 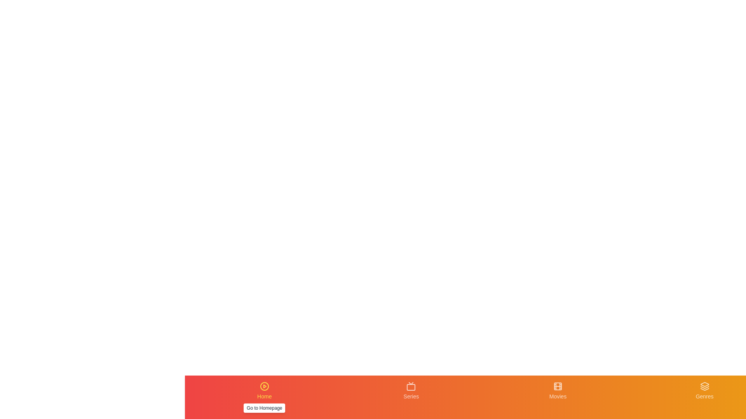 What do you see at coordinates (557, 397) in the screenshot?
I see `the navigation tab labeled Movies` at bounding box center [557, 397].